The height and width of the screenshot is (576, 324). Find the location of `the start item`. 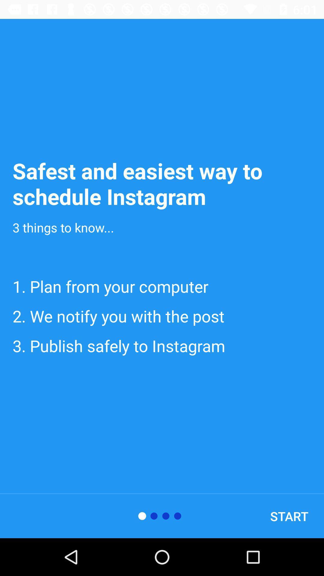

the start item is located at coordinates (289, 516).